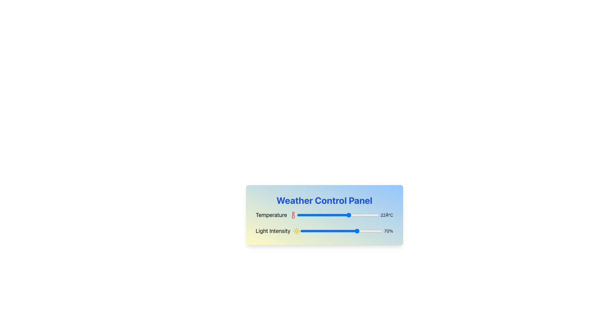 This screenshot has height=331, width=589. I want to click on light intensity, so click(305, 231).